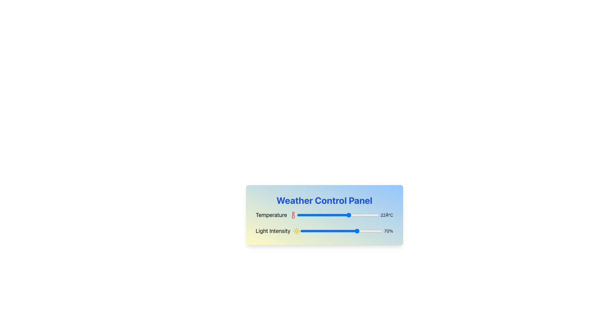 This screenshot has height=331, width=589. I want to click on light intensity, so click(305, 231).